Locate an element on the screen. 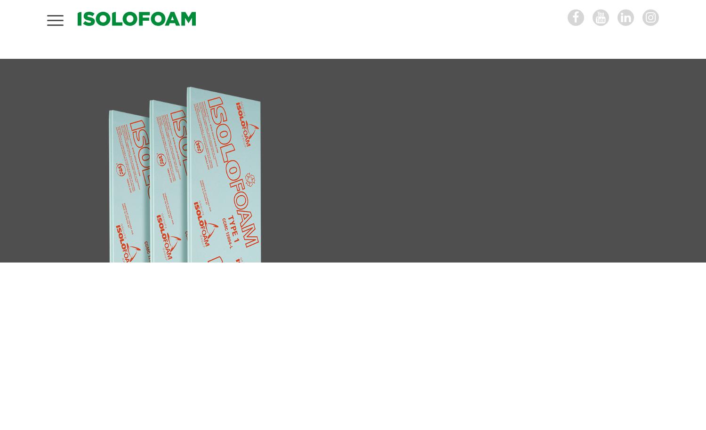 This screenshot has height=430, width=706. '(634 KB)' is located at coordinates (482, 340).